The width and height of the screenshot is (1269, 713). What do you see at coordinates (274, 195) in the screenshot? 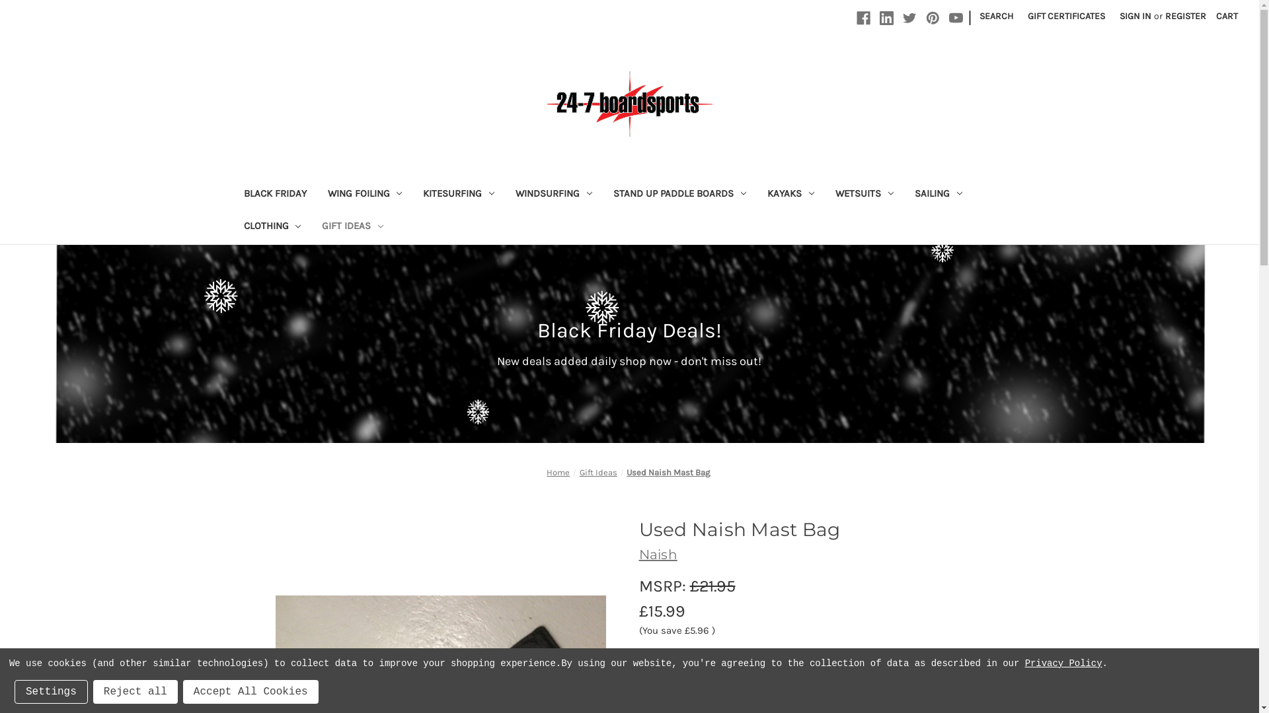
I see `'BLACK FRIDAY'` at bounding box center [274, 195].